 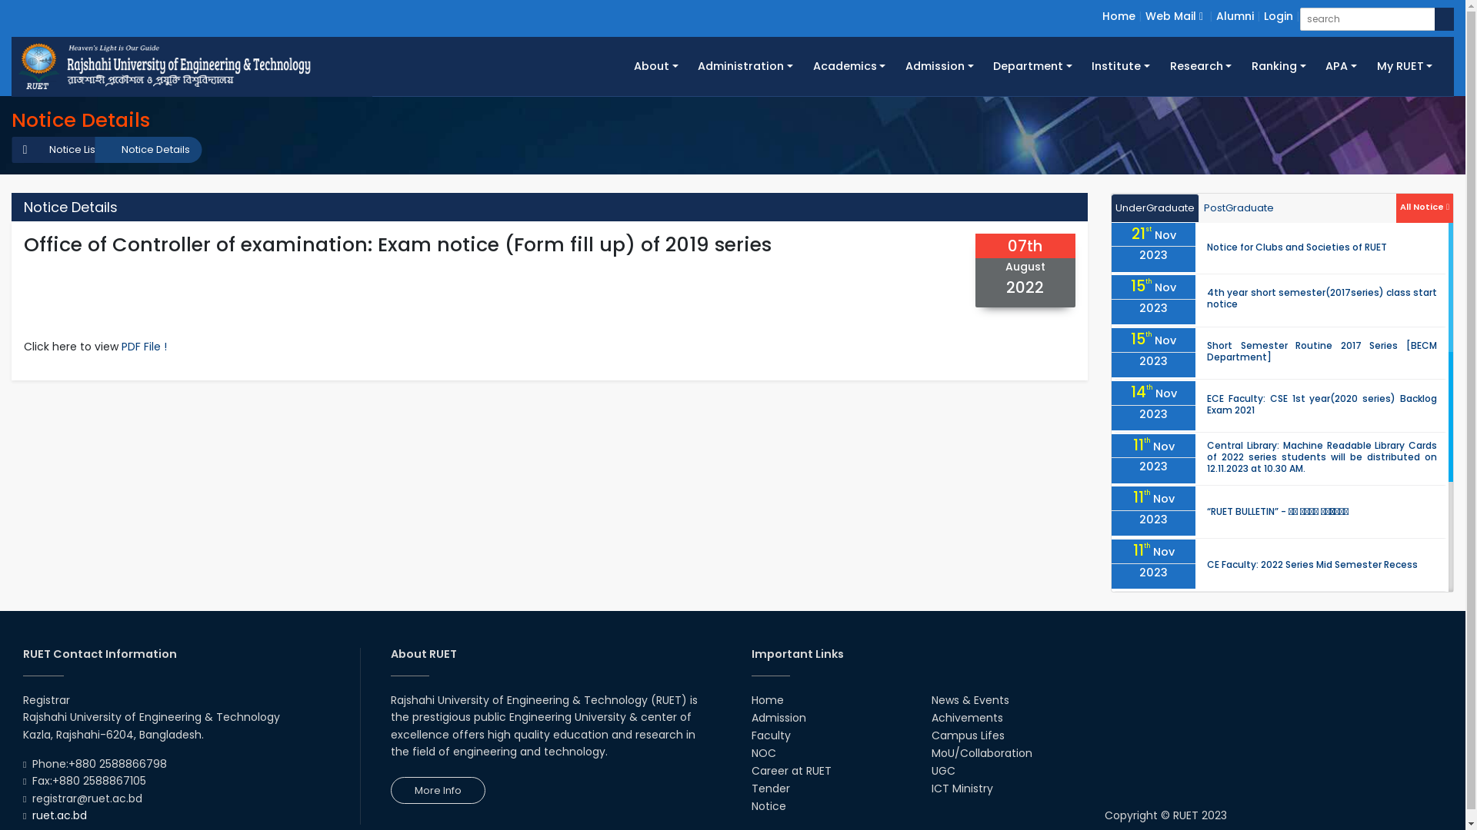 I want to click on 'Career at RUET', so click(x=750, y=770).